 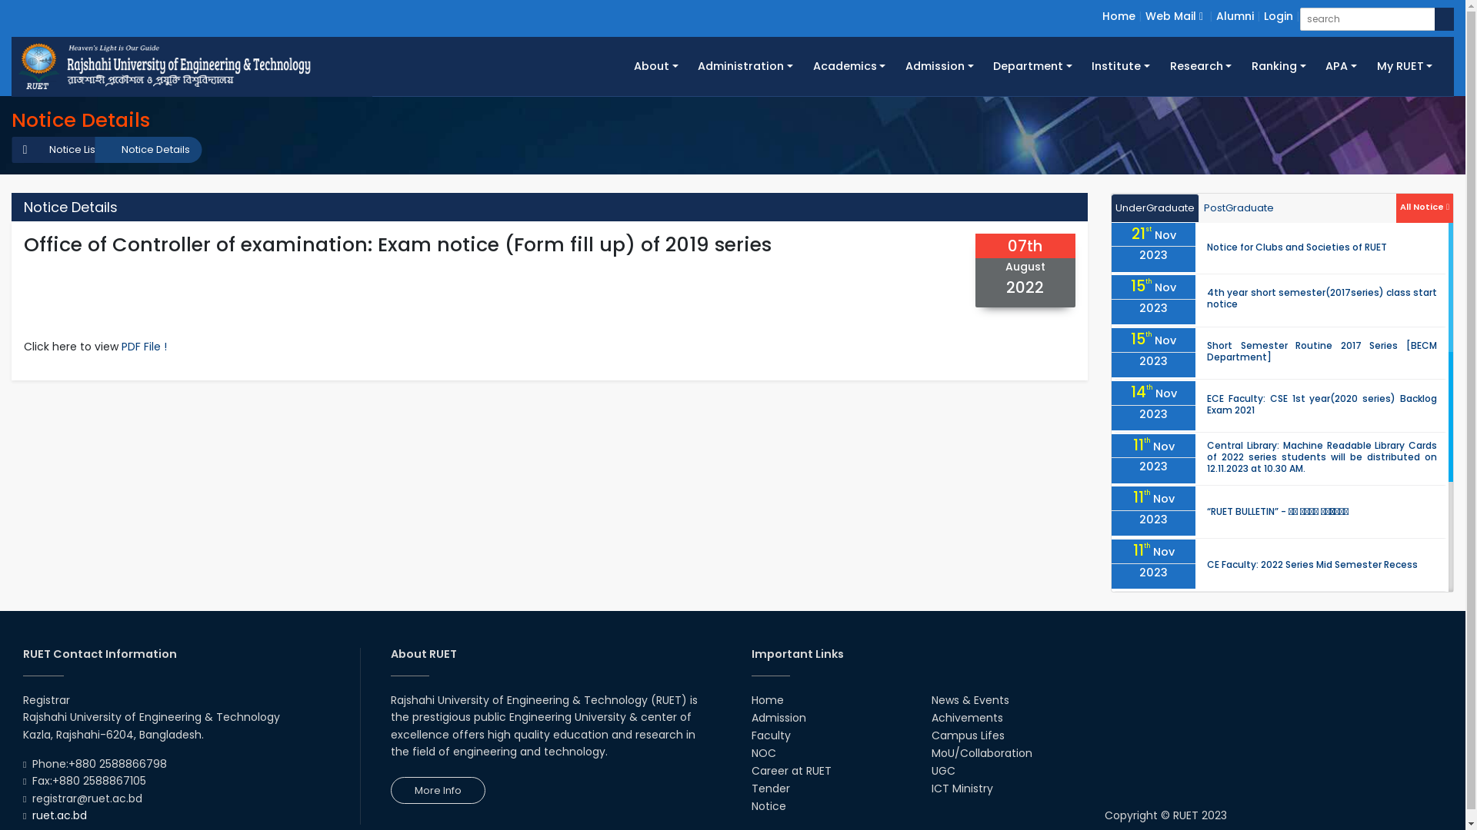 I want to click on 'Career at RUET', so click(x=750, y=770).